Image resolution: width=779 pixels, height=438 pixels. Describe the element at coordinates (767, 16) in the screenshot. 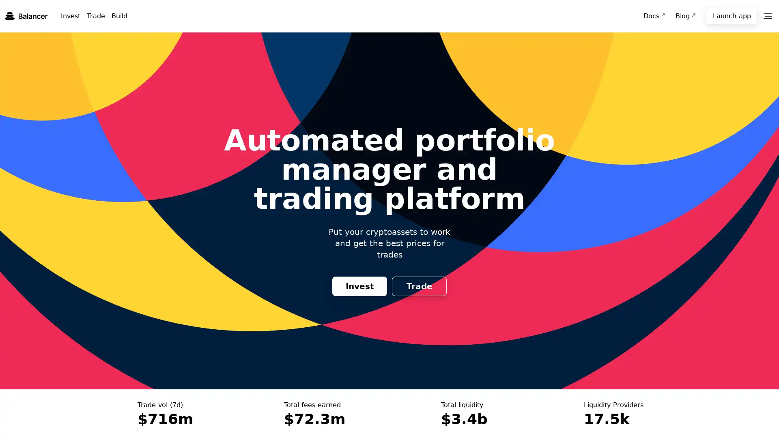

I see `Menu` at that location.